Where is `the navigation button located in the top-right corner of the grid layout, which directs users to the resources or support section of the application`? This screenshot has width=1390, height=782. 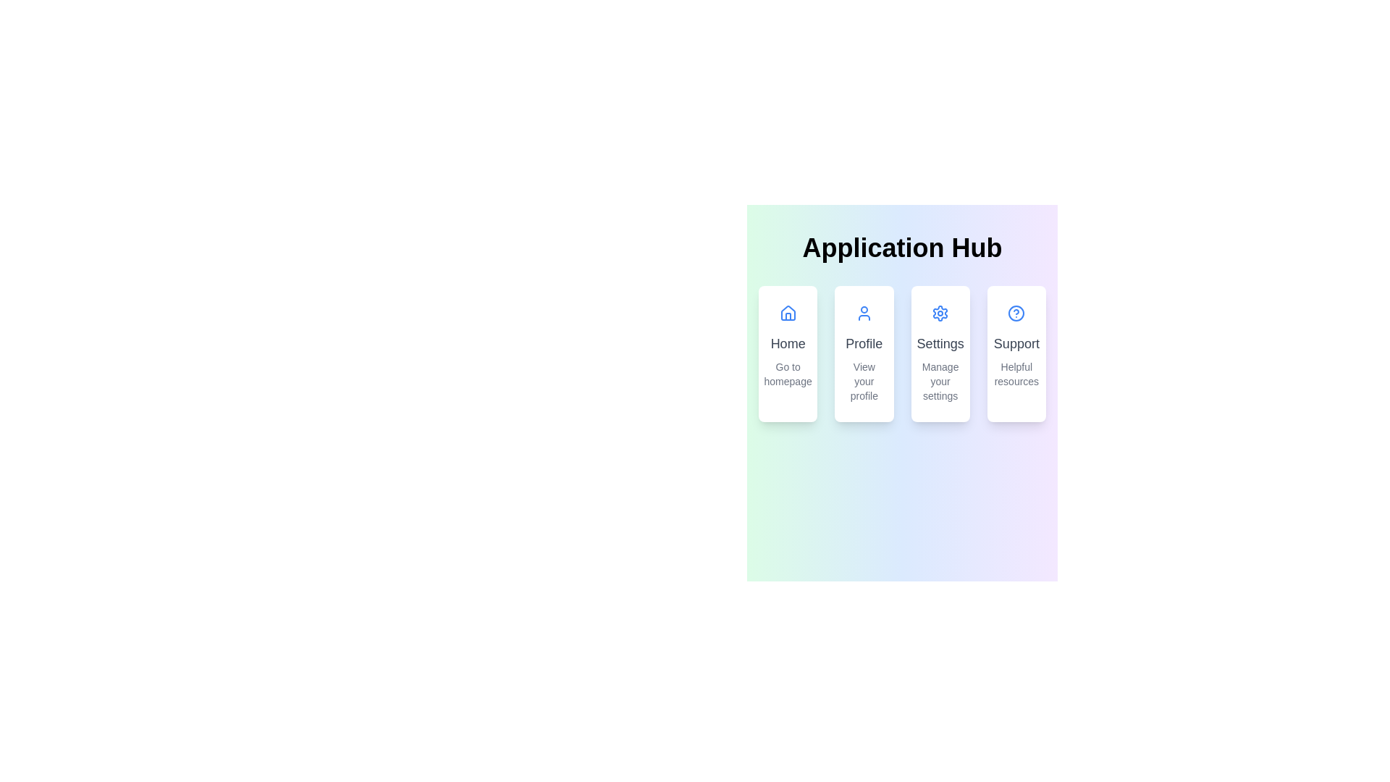 the navigation button located in the top-right corner of the grid layout, which directs users to the resources or support section of the application is located at coordinates (1016, 354).